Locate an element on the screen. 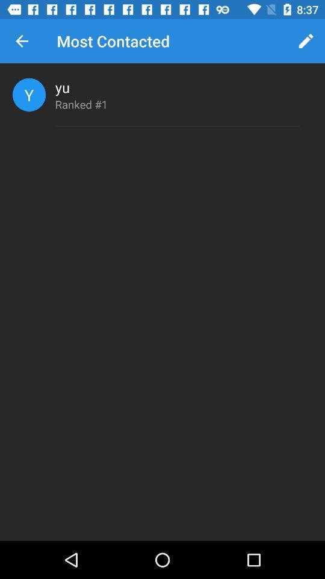 Image resolution: width=325 pixels, height=579 pixels. yu icon is located at coordinates (63, 86).